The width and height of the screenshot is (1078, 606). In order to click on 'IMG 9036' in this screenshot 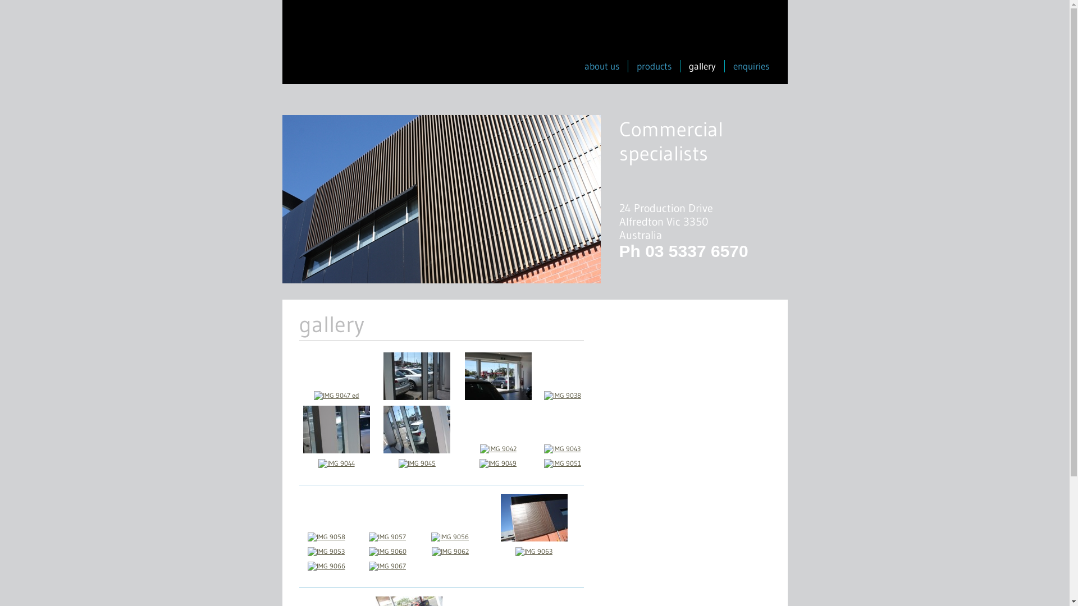, I will do `click(383, 395)`.